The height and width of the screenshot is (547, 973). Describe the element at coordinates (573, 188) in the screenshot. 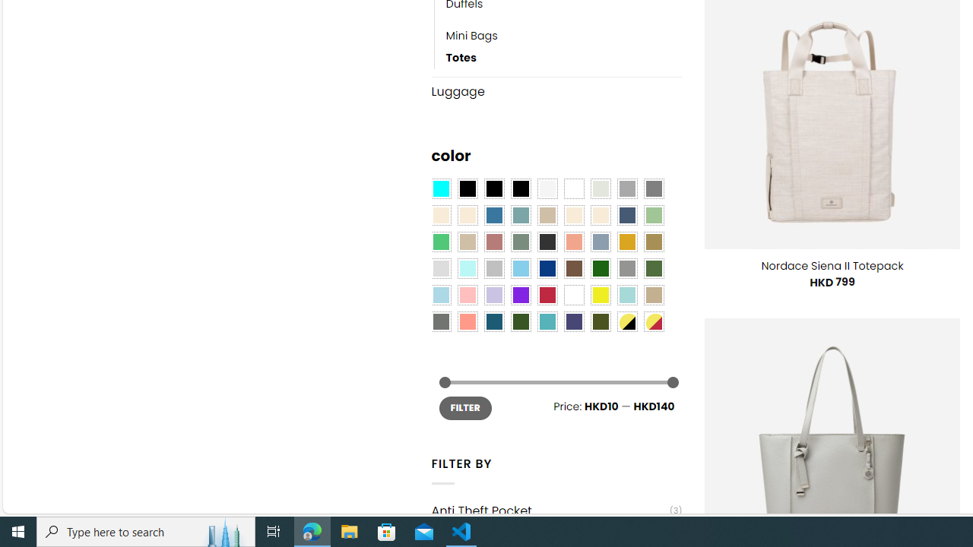

I see `'Clear'` at that location.